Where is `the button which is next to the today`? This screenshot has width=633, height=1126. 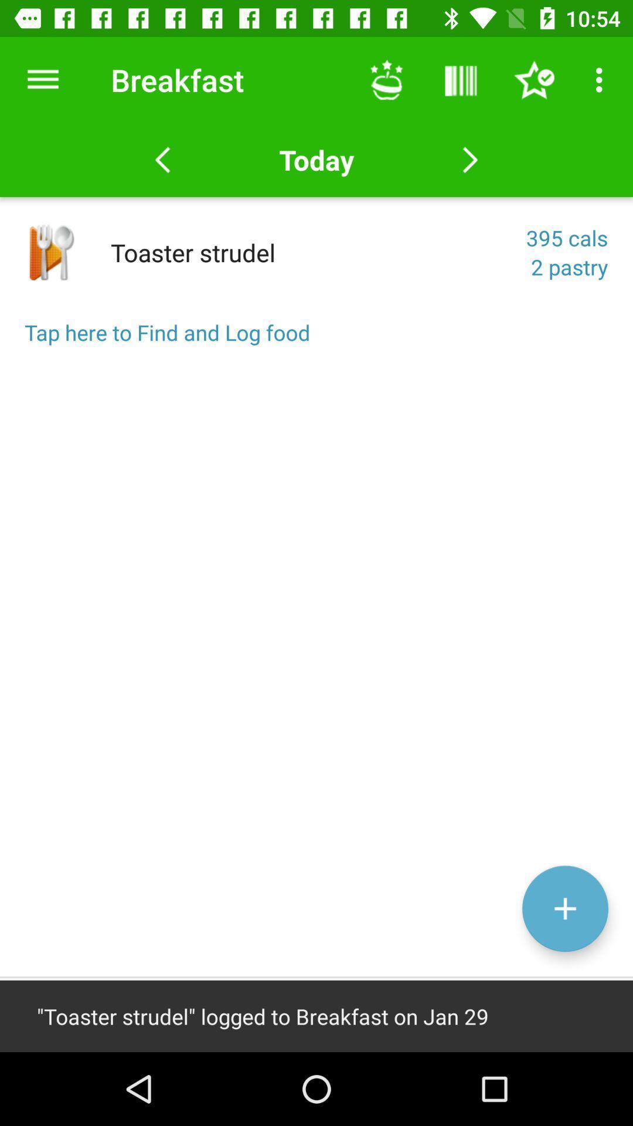 the button which is next to the today is located at coordinates (469, 160).